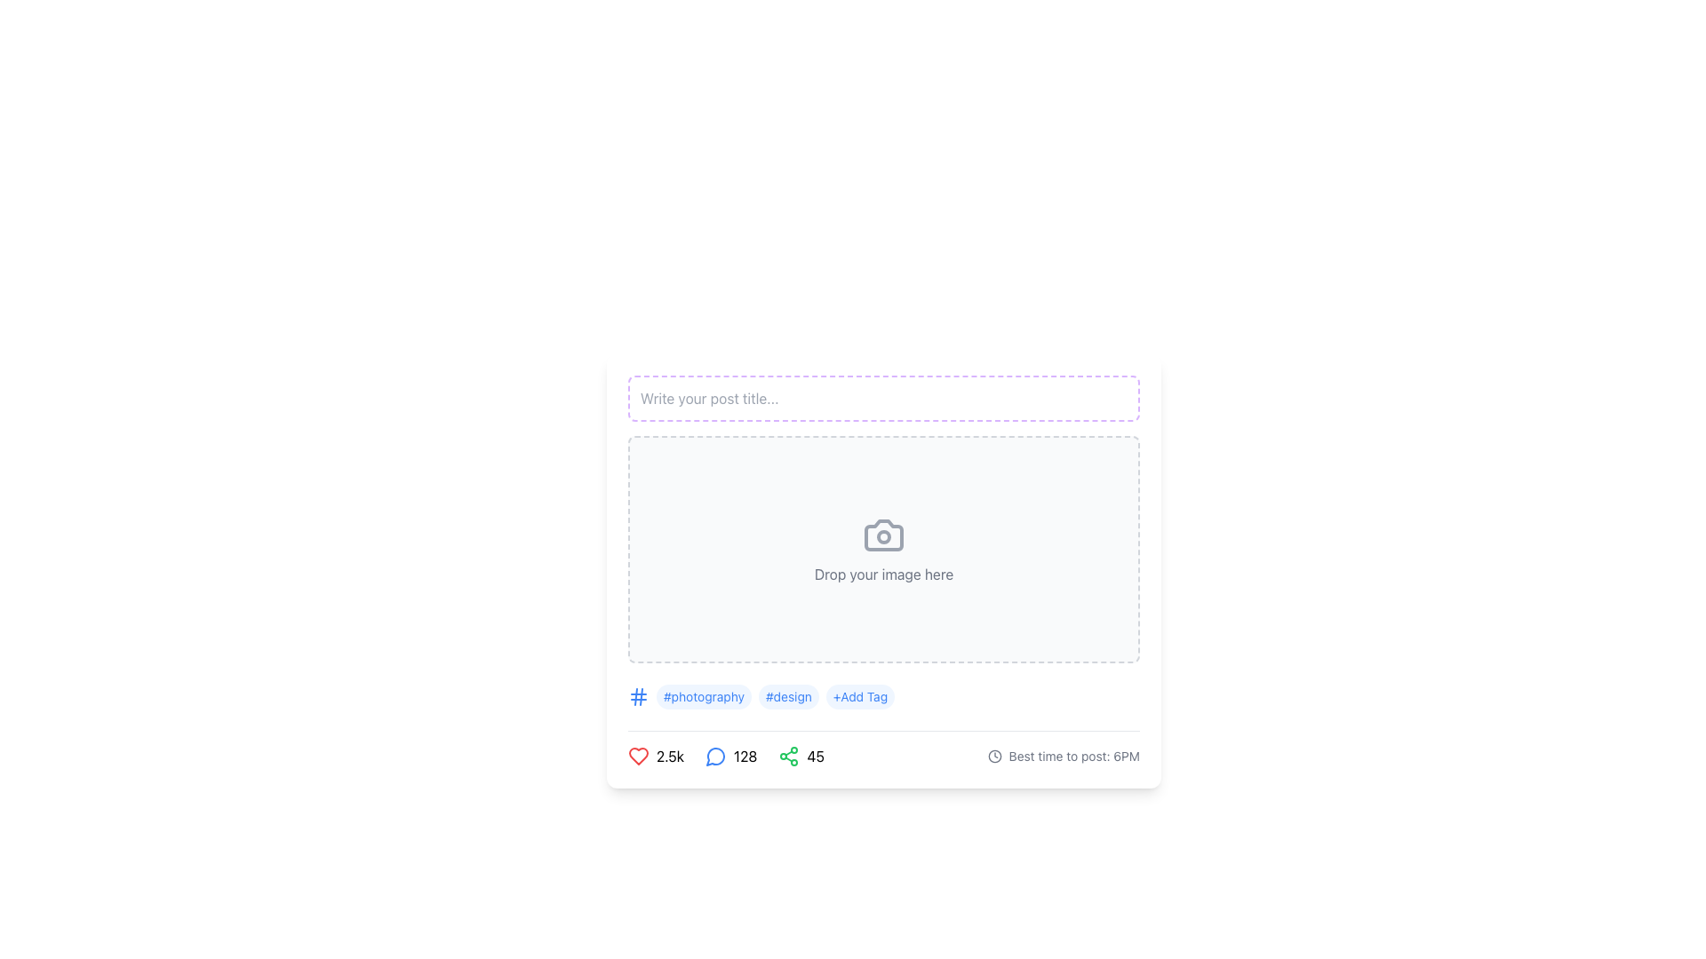 This screenshot has height=959, width=1706. I want to click on the text label displaying the number '45', which is bold and styled in black, located next to a green share icon in the lower portion of the interface, so click(815, 757).